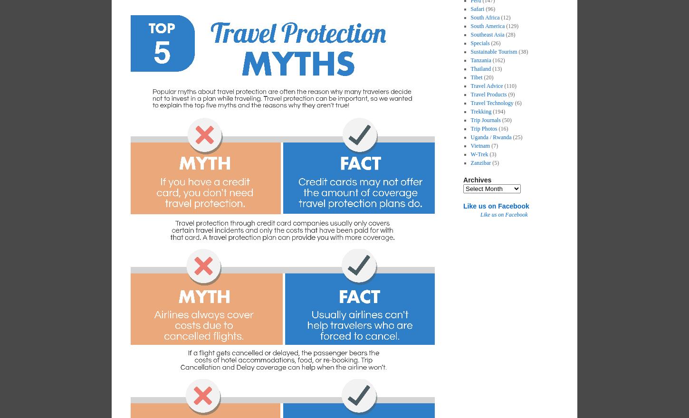  Describe the element at coordinates (492, 153) in the screenshot. I see `'(3)'` at that location.